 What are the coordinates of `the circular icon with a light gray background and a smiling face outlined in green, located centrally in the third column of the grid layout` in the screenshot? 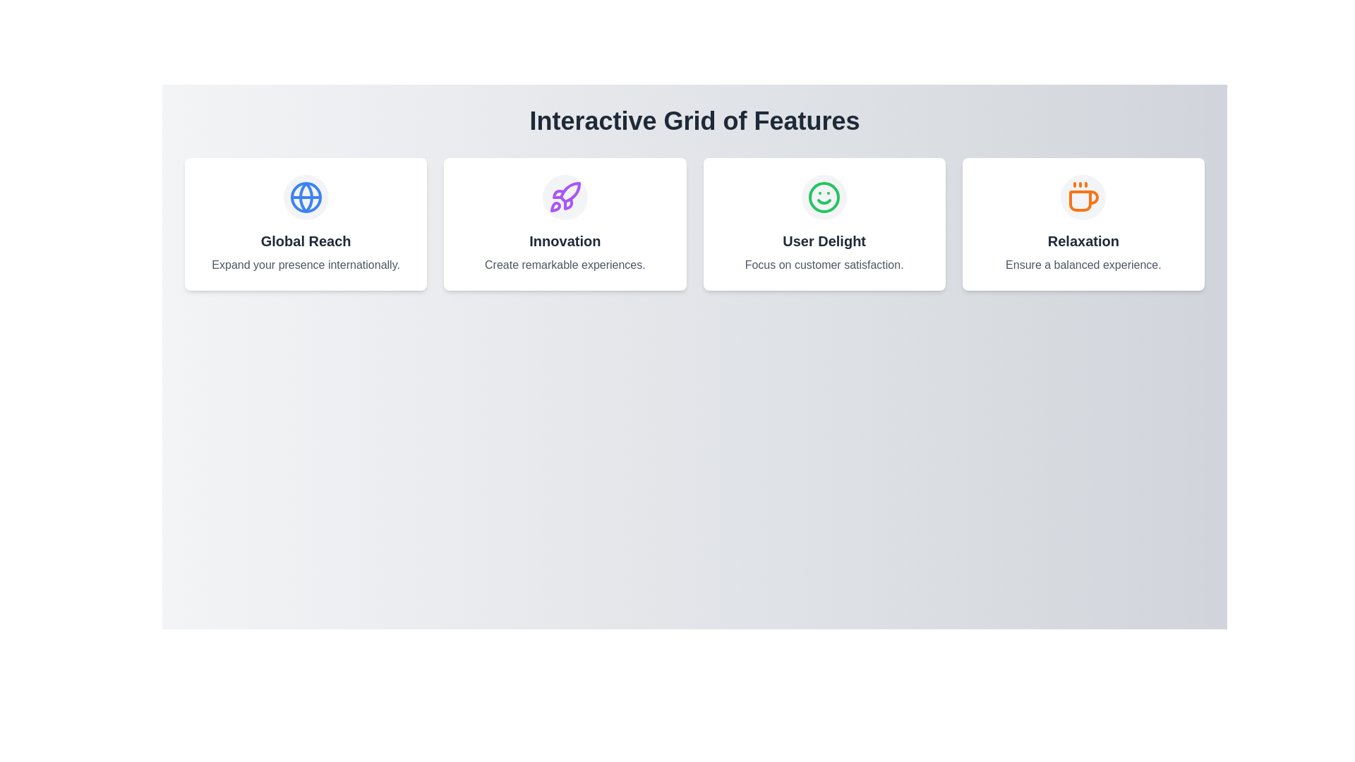 It's located at (824, 198).